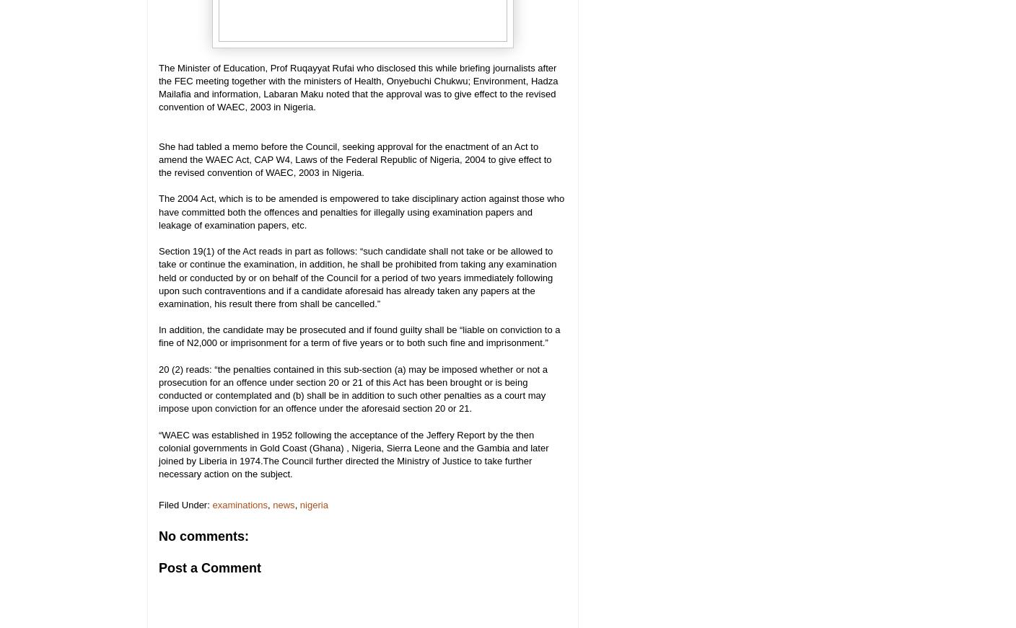  I want to click on 'The Minister of Education, Prof Ruqayyat Rufai who disclosed this while briefing journalists after the FEC meeting together with the ministers of Health, Onyebuchi Chukwu; Environment, Hadza Mailafia and information, Labaran Maku noted that the approval was to give effect to the revised convention of WAEC, 2003 in Nigeria.', so click(157, 86).